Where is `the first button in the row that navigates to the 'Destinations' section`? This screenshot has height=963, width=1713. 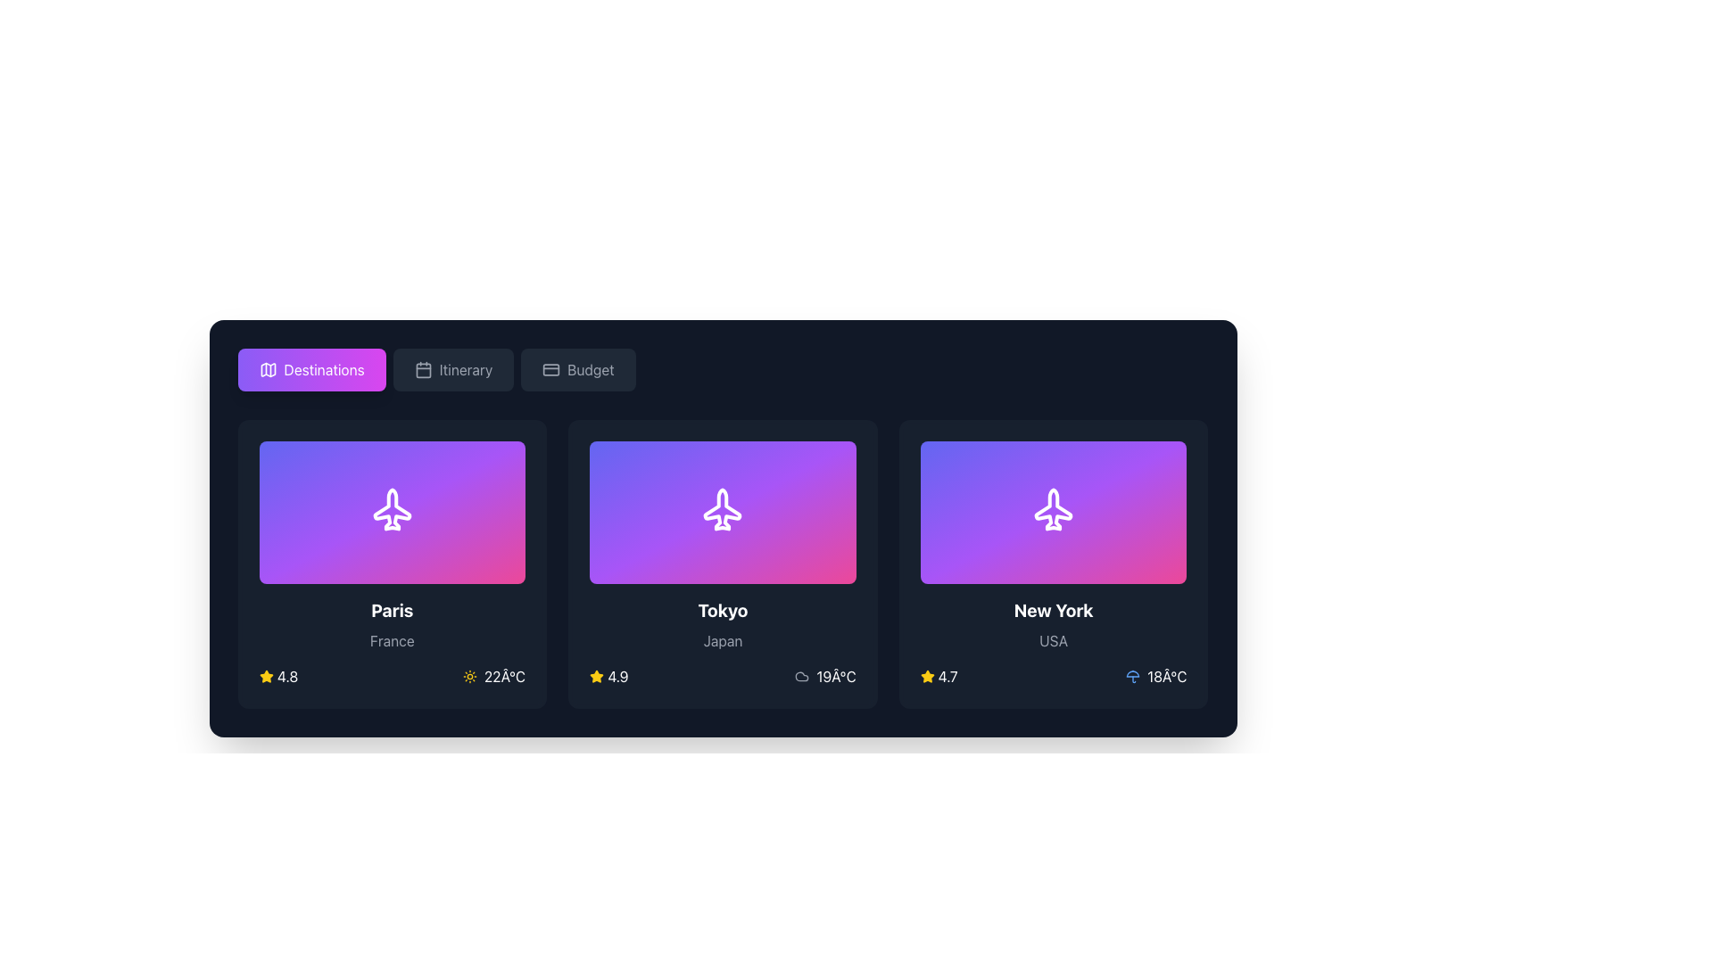 the first button in the row that navigates to the 'Destinations' section is located at coordinates (311, 369).